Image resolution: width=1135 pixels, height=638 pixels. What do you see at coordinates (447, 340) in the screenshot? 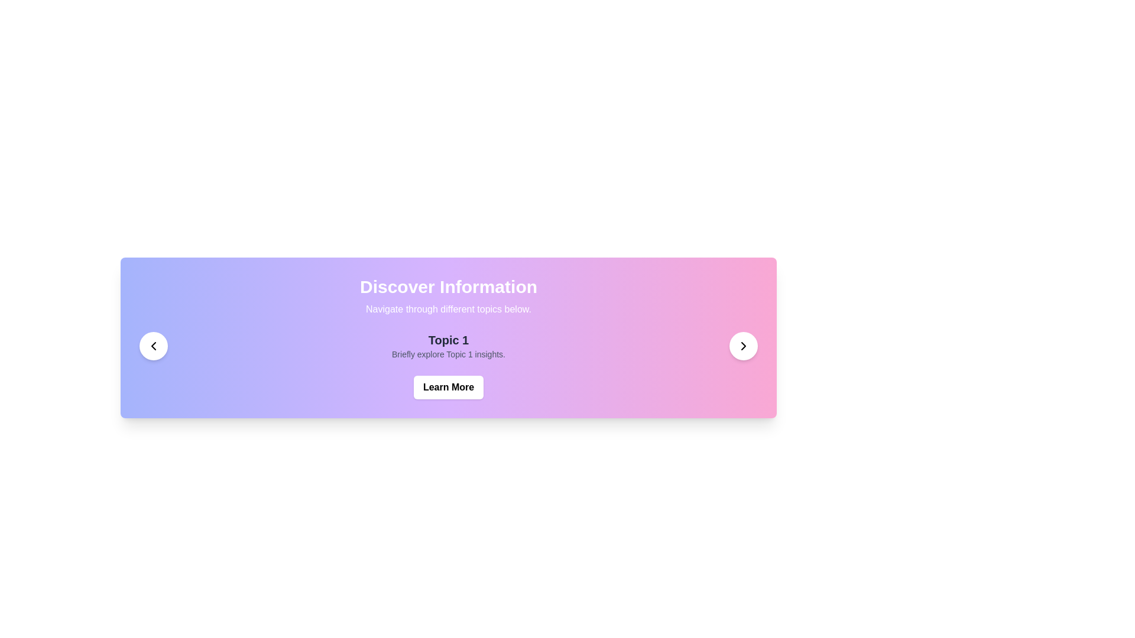
I see `the Header text that introduces the topic, located at the center of the card above the subtitle 'Briefly explore Topic 1 insights.'` at bounding box center [447, 340].